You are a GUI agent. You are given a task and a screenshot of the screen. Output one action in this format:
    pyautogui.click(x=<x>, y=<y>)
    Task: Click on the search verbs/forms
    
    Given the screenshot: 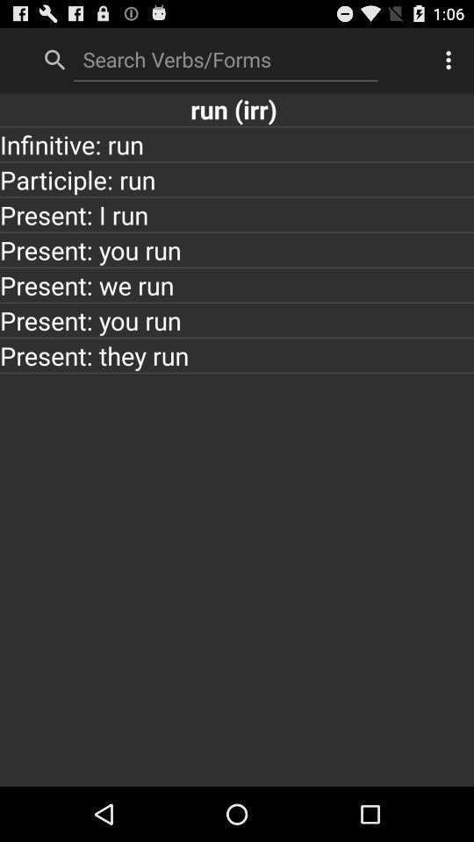 What is the action you would take?
    pyautogui.click(x=226, y=59)
    